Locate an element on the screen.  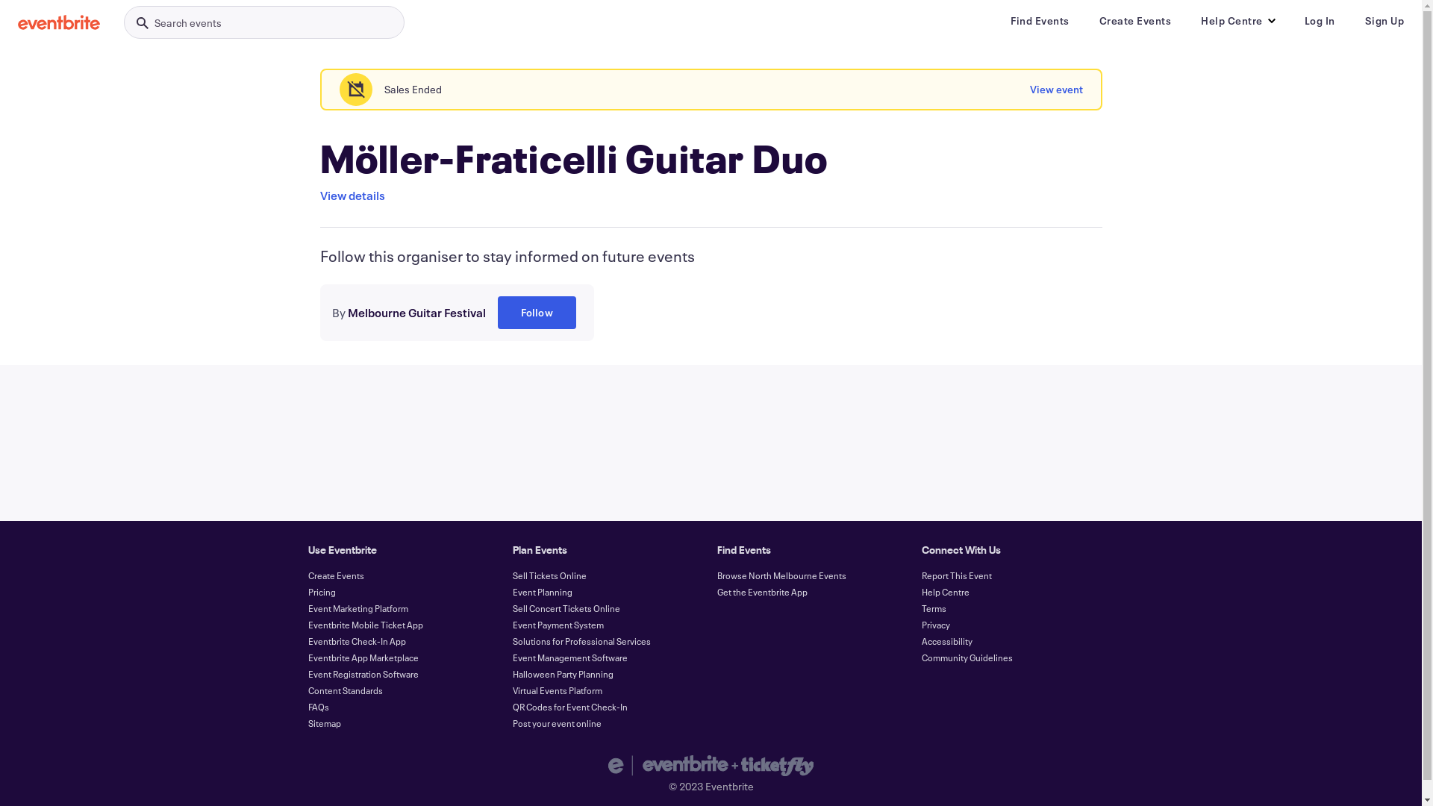
'Privacy' is located at coordinates (920, 625).